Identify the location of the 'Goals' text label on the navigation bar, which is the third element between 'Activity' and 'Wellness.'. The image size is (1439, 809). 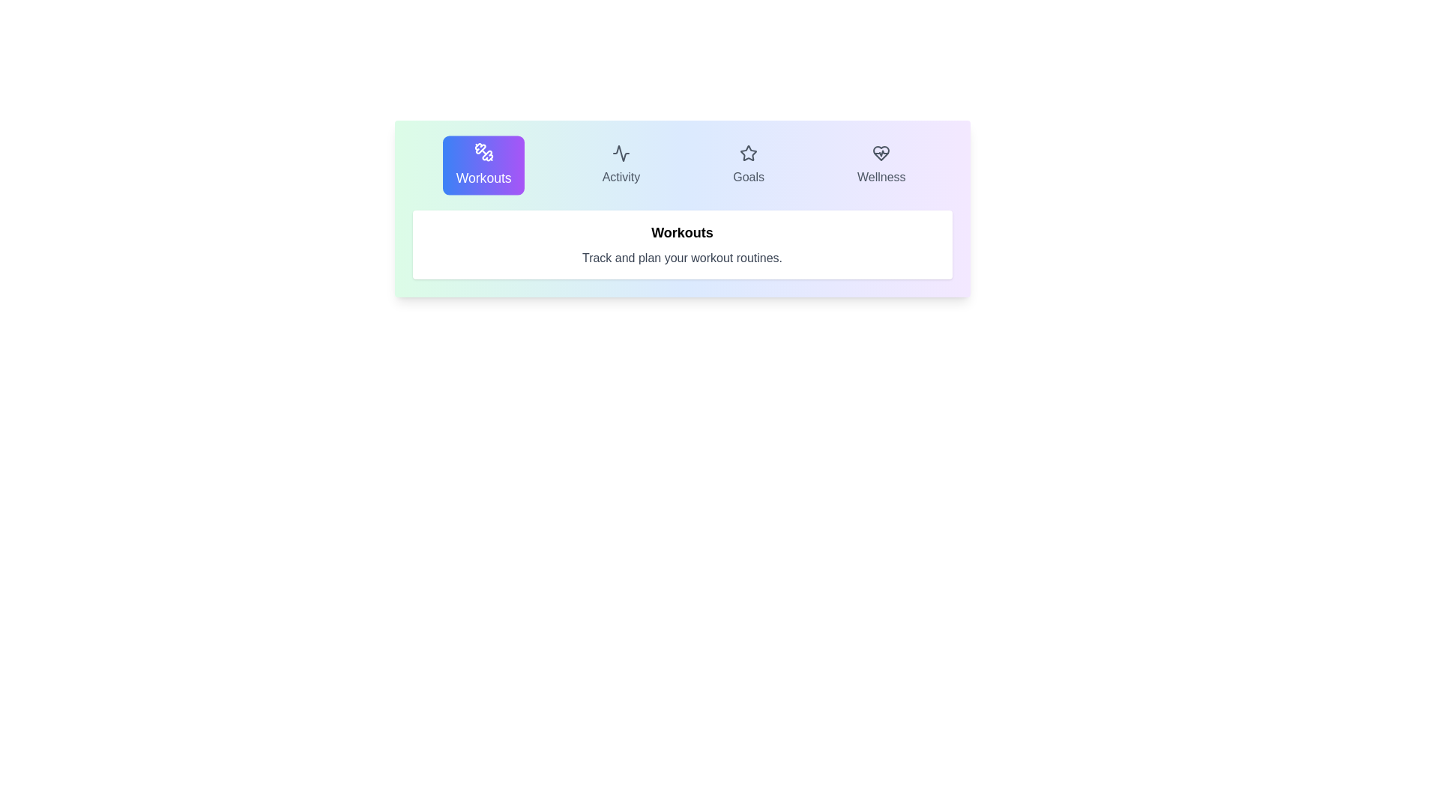
(749, 176).